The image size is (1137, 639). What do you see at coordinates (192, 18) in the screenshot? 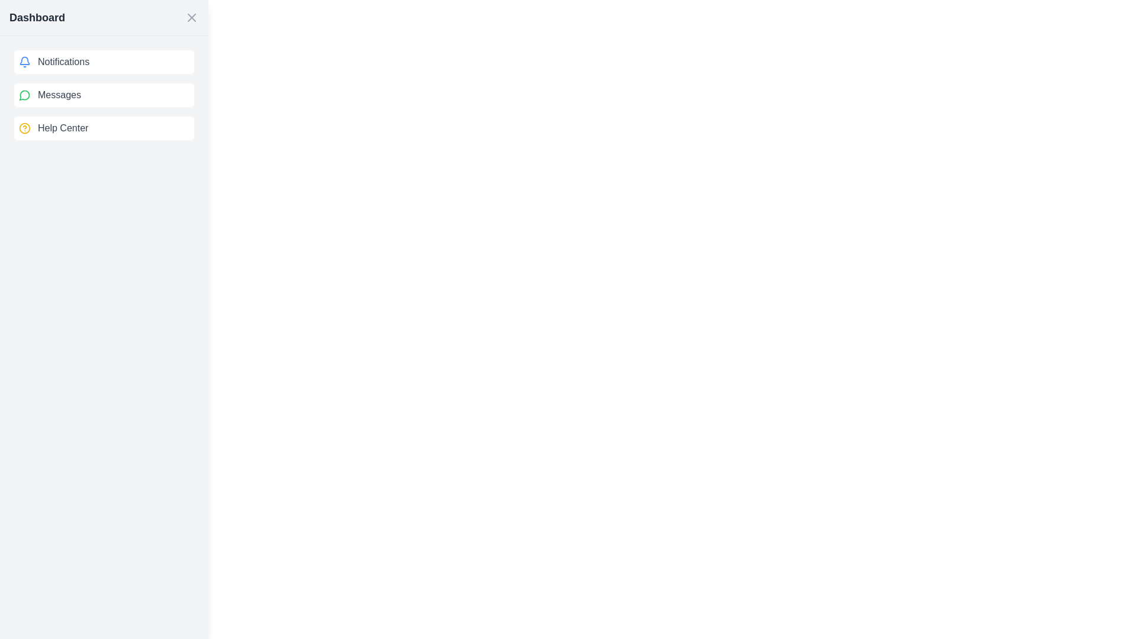
I see `the small 'X' button in the top-right corner of the Dashboard header to observe the color transition effect` at bounding box center [192, 18].